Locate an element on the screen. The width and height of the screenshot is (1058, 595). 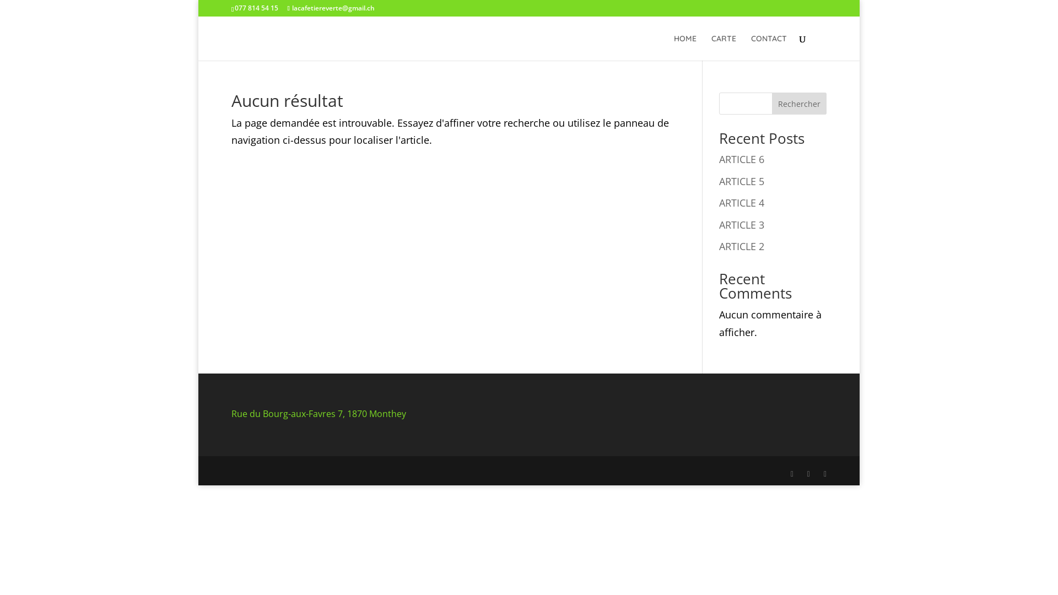
'CONTACT' is located at coordinates (768, 47).